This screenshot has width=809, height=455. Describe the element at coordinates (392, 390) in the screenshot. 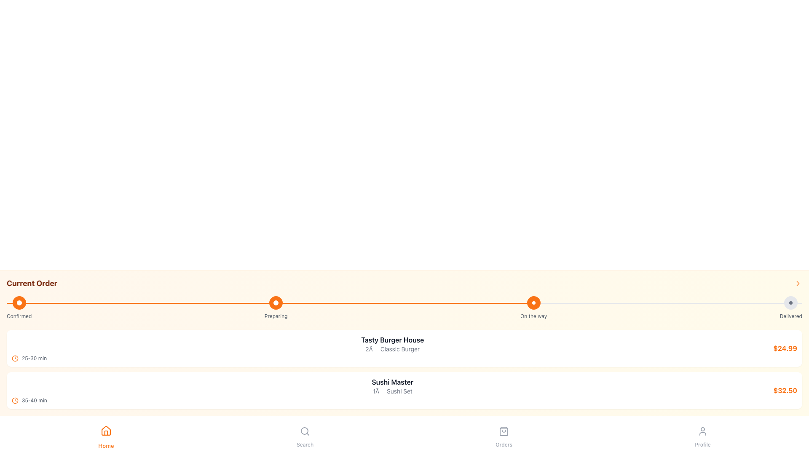

I see `text from the Text block that contains 'Sushi Master', '1× Sushi Set', and '35-40 min', located in the middle section of the current order view` at that location.